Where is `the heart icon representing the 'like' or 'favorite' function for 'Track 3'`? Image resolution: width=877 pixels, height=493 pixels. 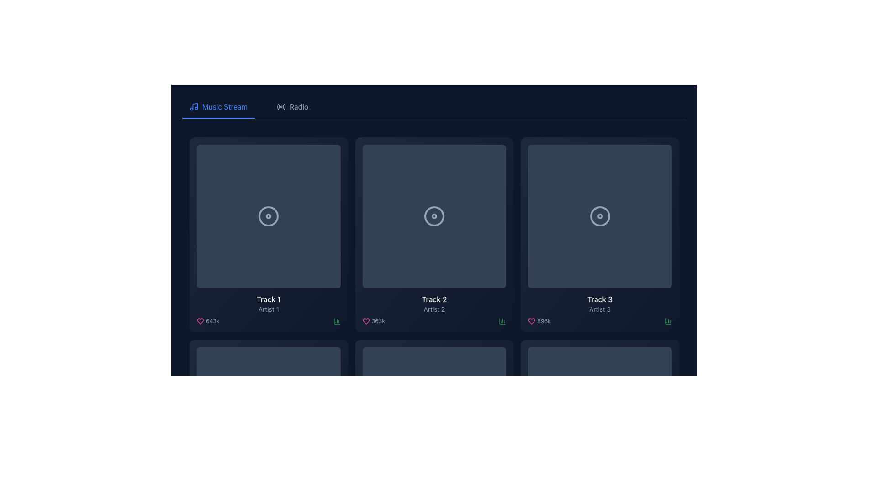
the heart icon representing the 'like' or 'favorite' function for 'Track 3' is located at coordinates (532, 320).